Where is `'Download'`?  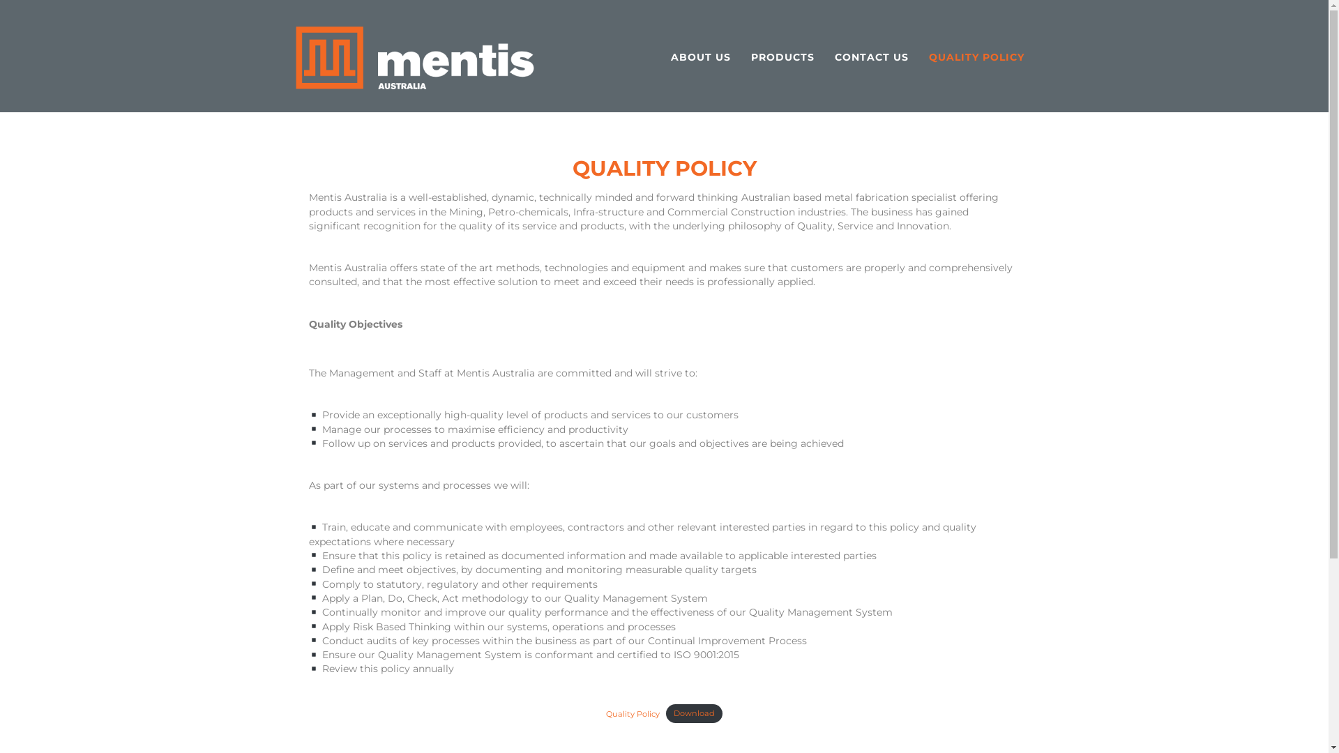 'Download' is located at coordinates (693, 713).